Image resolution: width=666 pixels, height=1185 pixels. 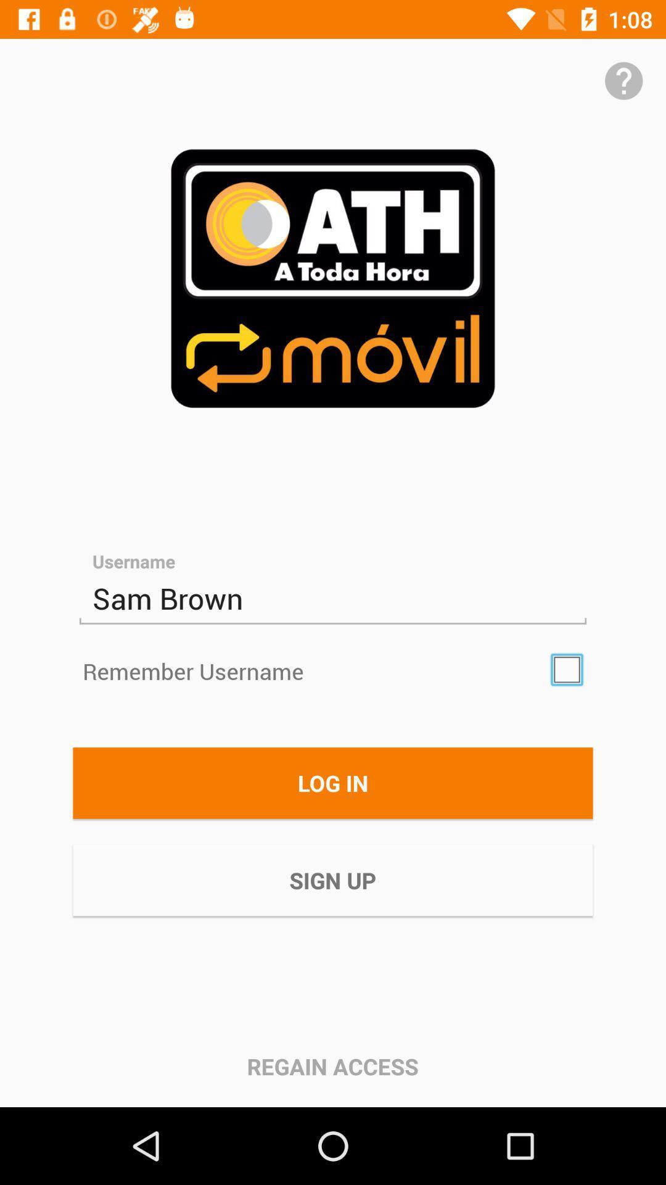 I want to click on the log in item, so click(x=333, y=782).